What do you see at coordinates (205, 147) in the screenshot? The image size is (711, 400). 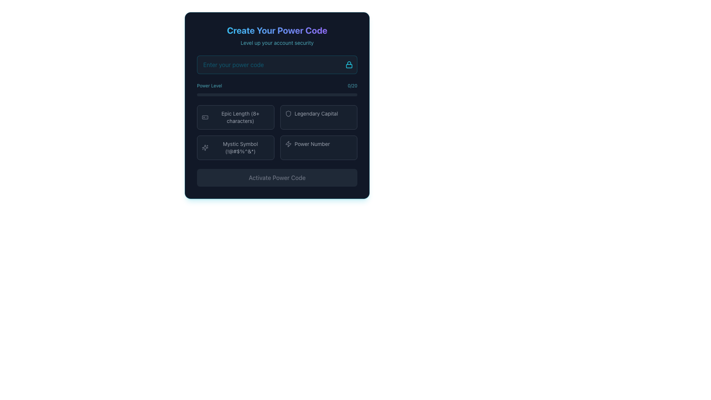 I see `the Mystic Symbol decorative icon in the second row of the power code creation form, located towards the left-hand side` at bounding box center [205, 147].